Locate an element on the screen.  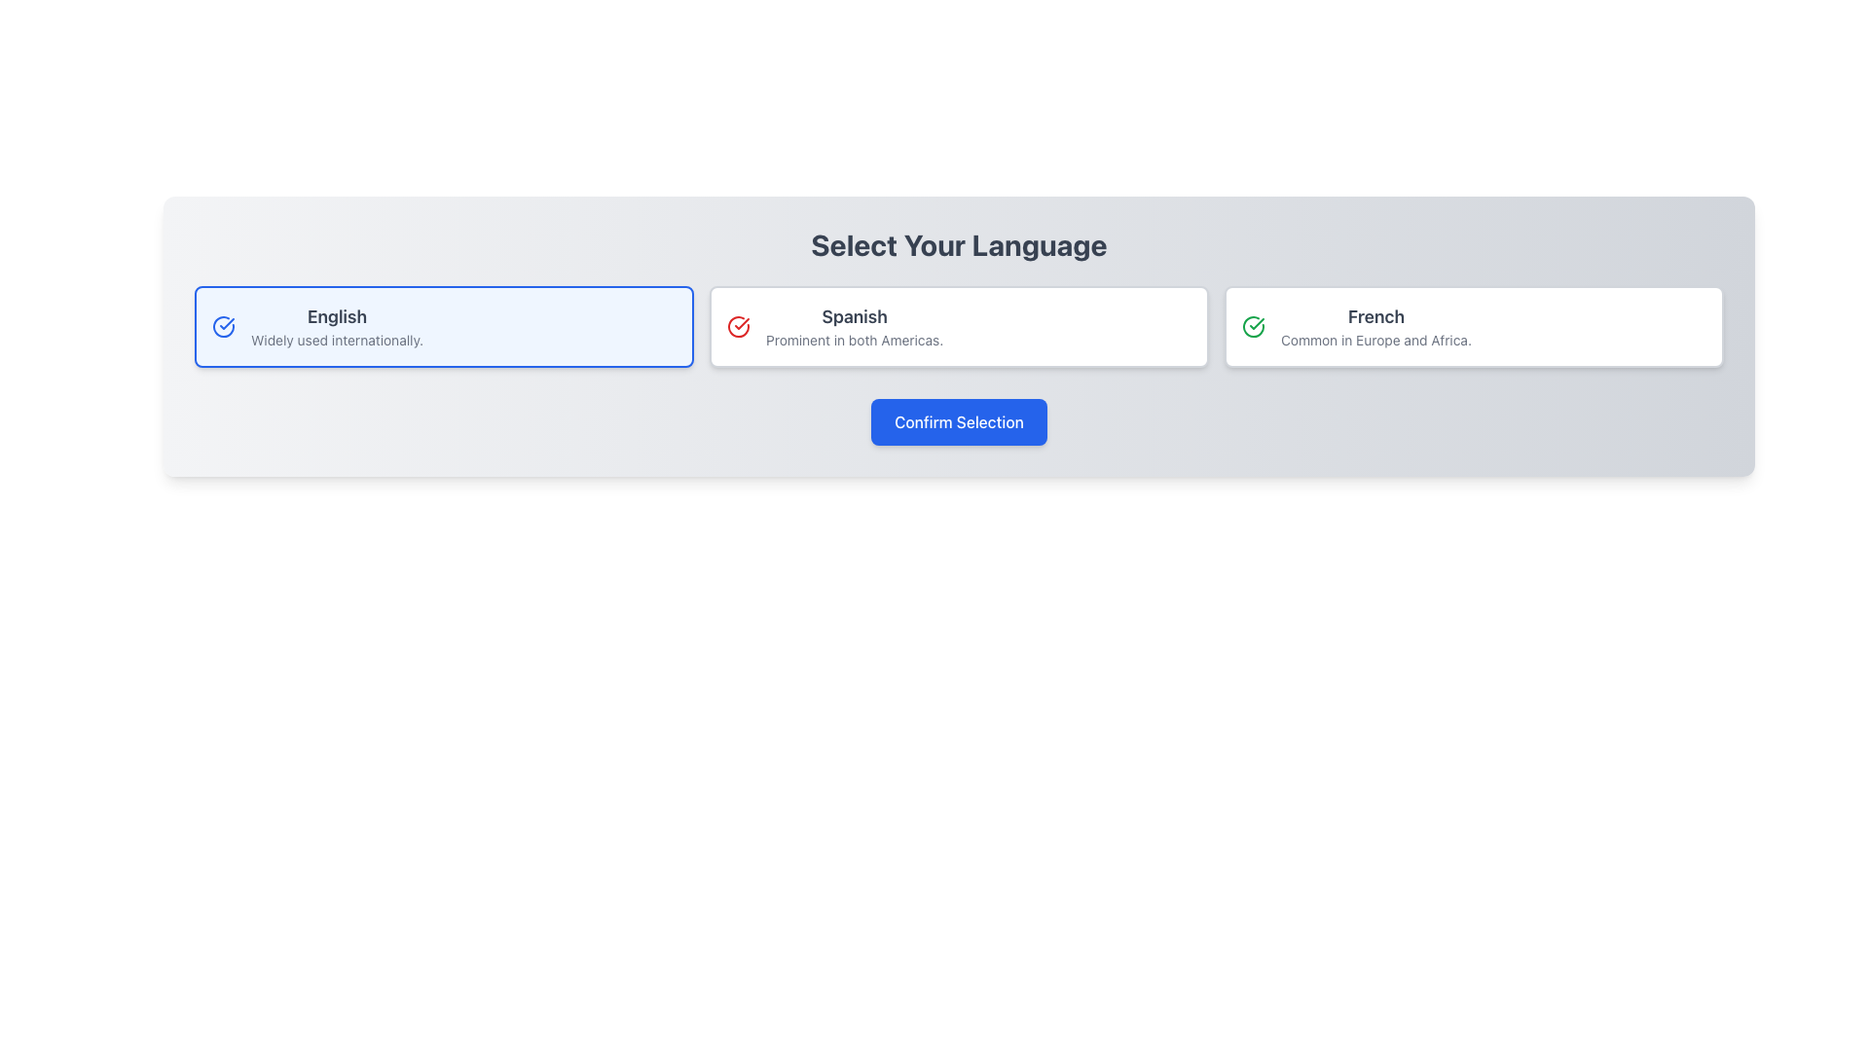
text label 'Prominent in both Americas.' which is styled in gray and located beneath the 'Spanish' header in the language selection options is located at coordinates (855, 340).